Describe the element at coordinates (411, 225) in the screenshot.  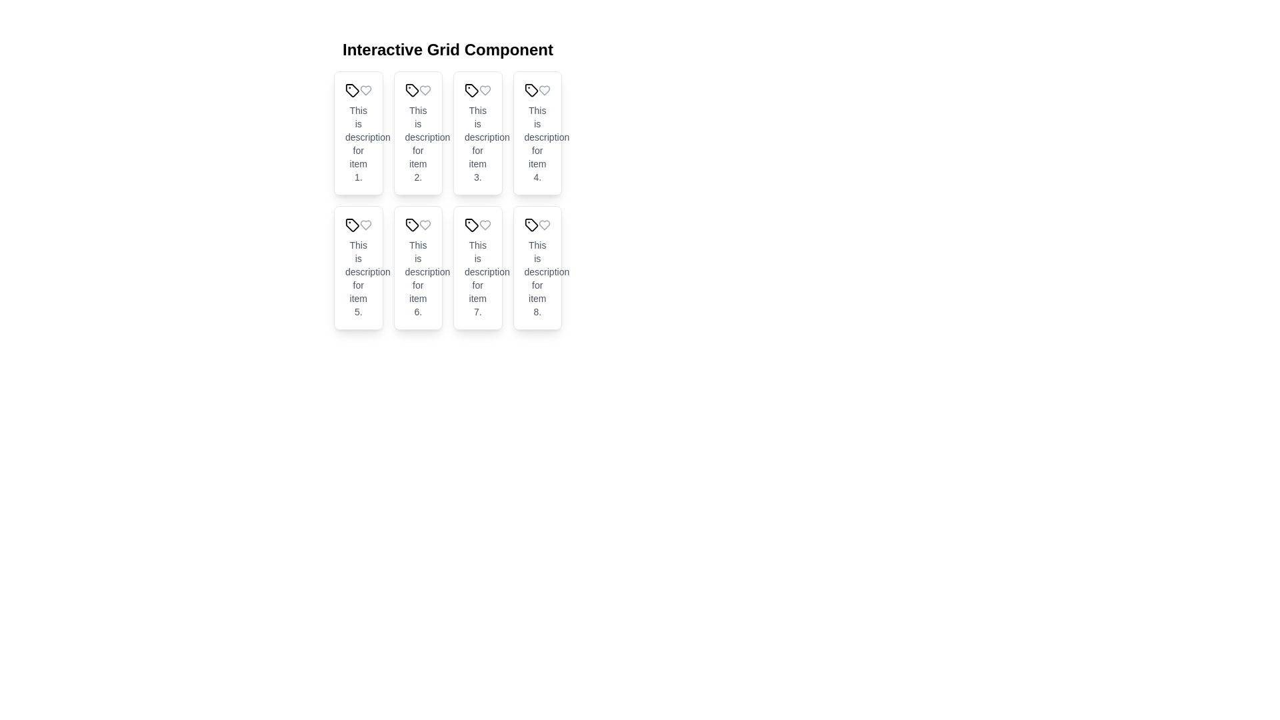
I see `the tag-shaped icon outlined in black located in the upper-left corner of the grid cell labeled 'Tile 6' within the interactive grid component` at that location.